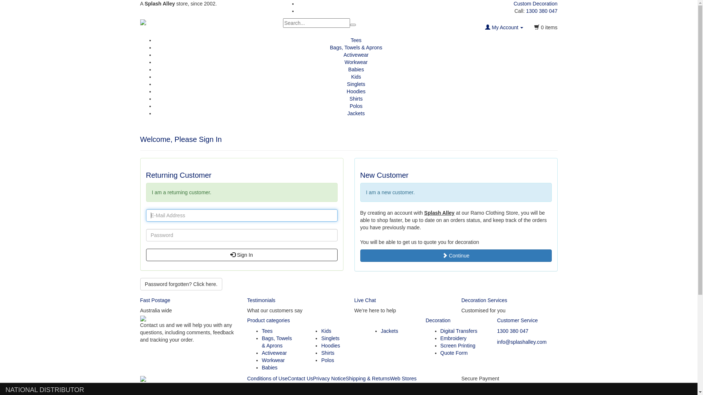  I want to click on 'Sign In', so click(241, 255).